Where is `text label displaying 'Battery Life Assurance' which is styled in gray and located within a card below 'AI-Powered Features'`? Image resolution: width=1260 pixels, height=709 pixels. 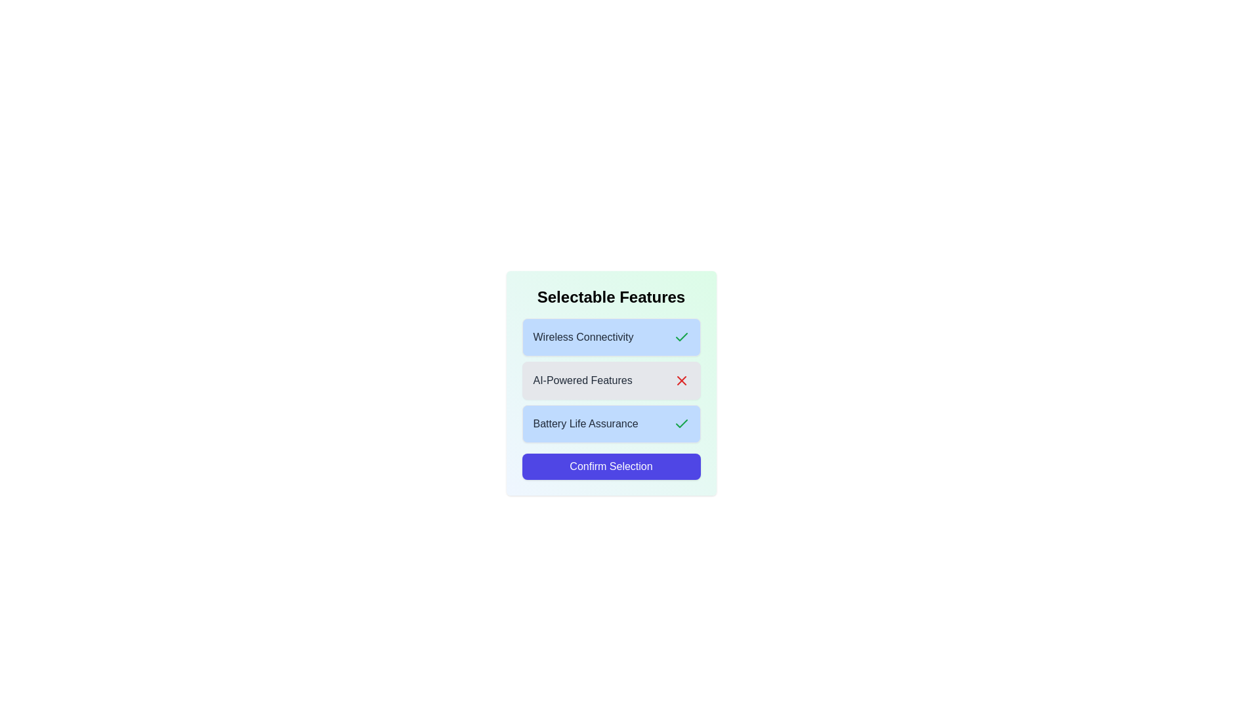
text label displaying 'Battery Life Assurance' which is styled in gray and located within a card below 'AI-Powered Features' is located at coordinates (585, 423).